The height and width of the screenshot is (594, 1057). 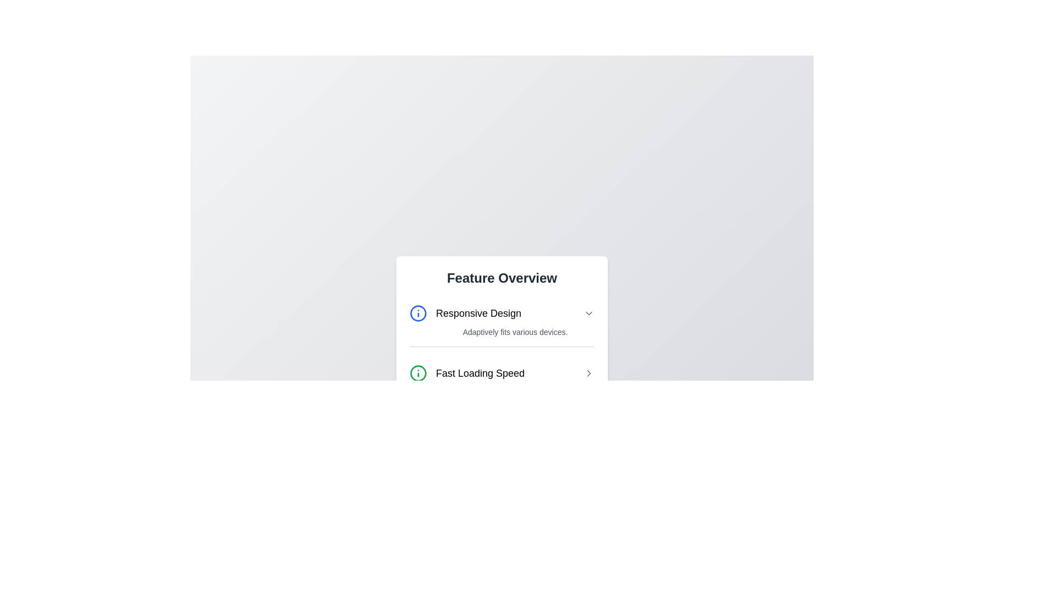 What do you see at coordinates (589, 372) in the screenshot?
I see `the rightward-pointing chevron icon located to the right of the 'Fast Loading Speed' text in the 'Feature Overview' section` at bounding box center [589, 372].